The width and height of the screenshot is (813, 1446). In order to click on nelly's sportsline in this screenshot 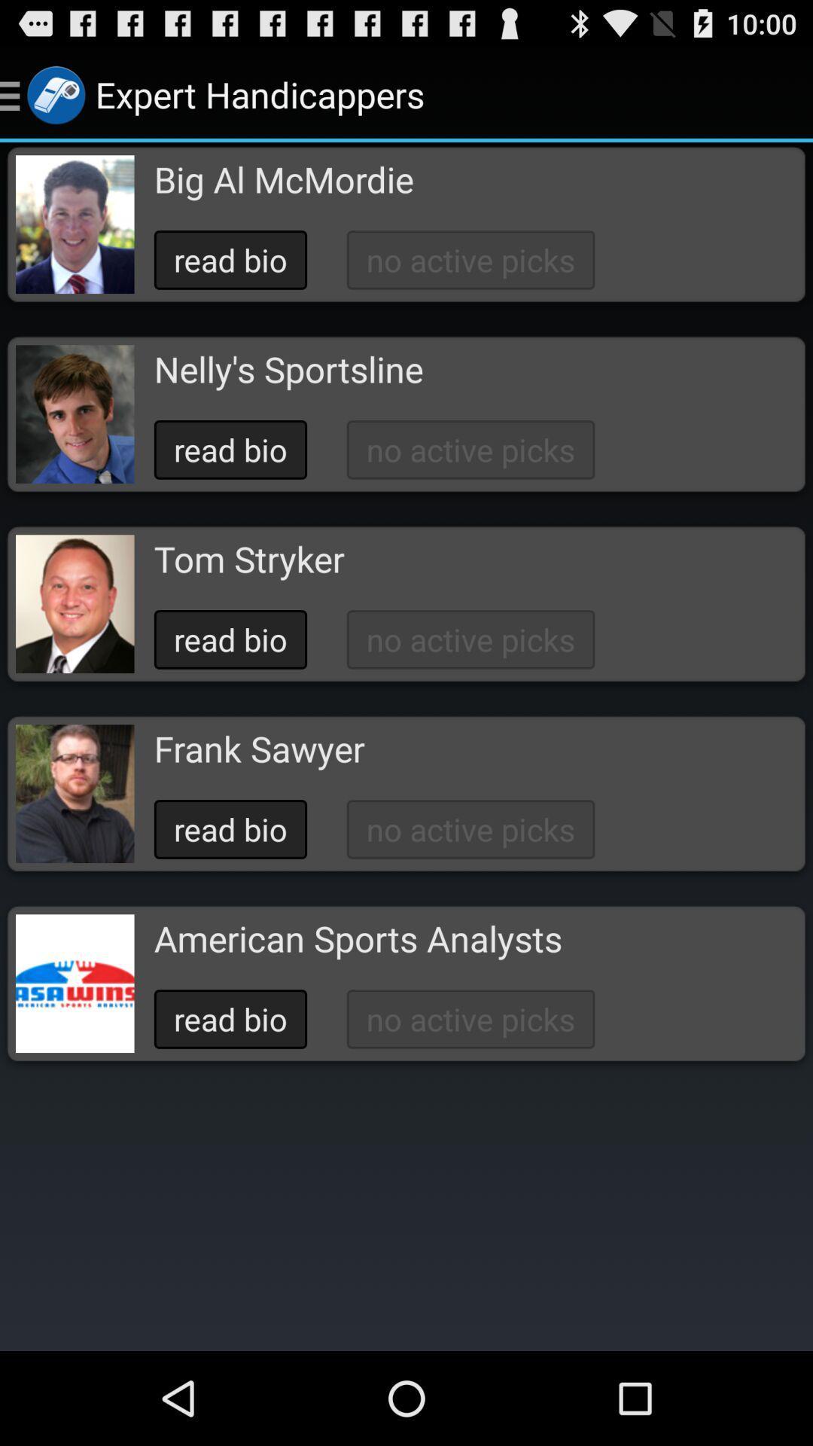, I will do `click(288, 369)`.